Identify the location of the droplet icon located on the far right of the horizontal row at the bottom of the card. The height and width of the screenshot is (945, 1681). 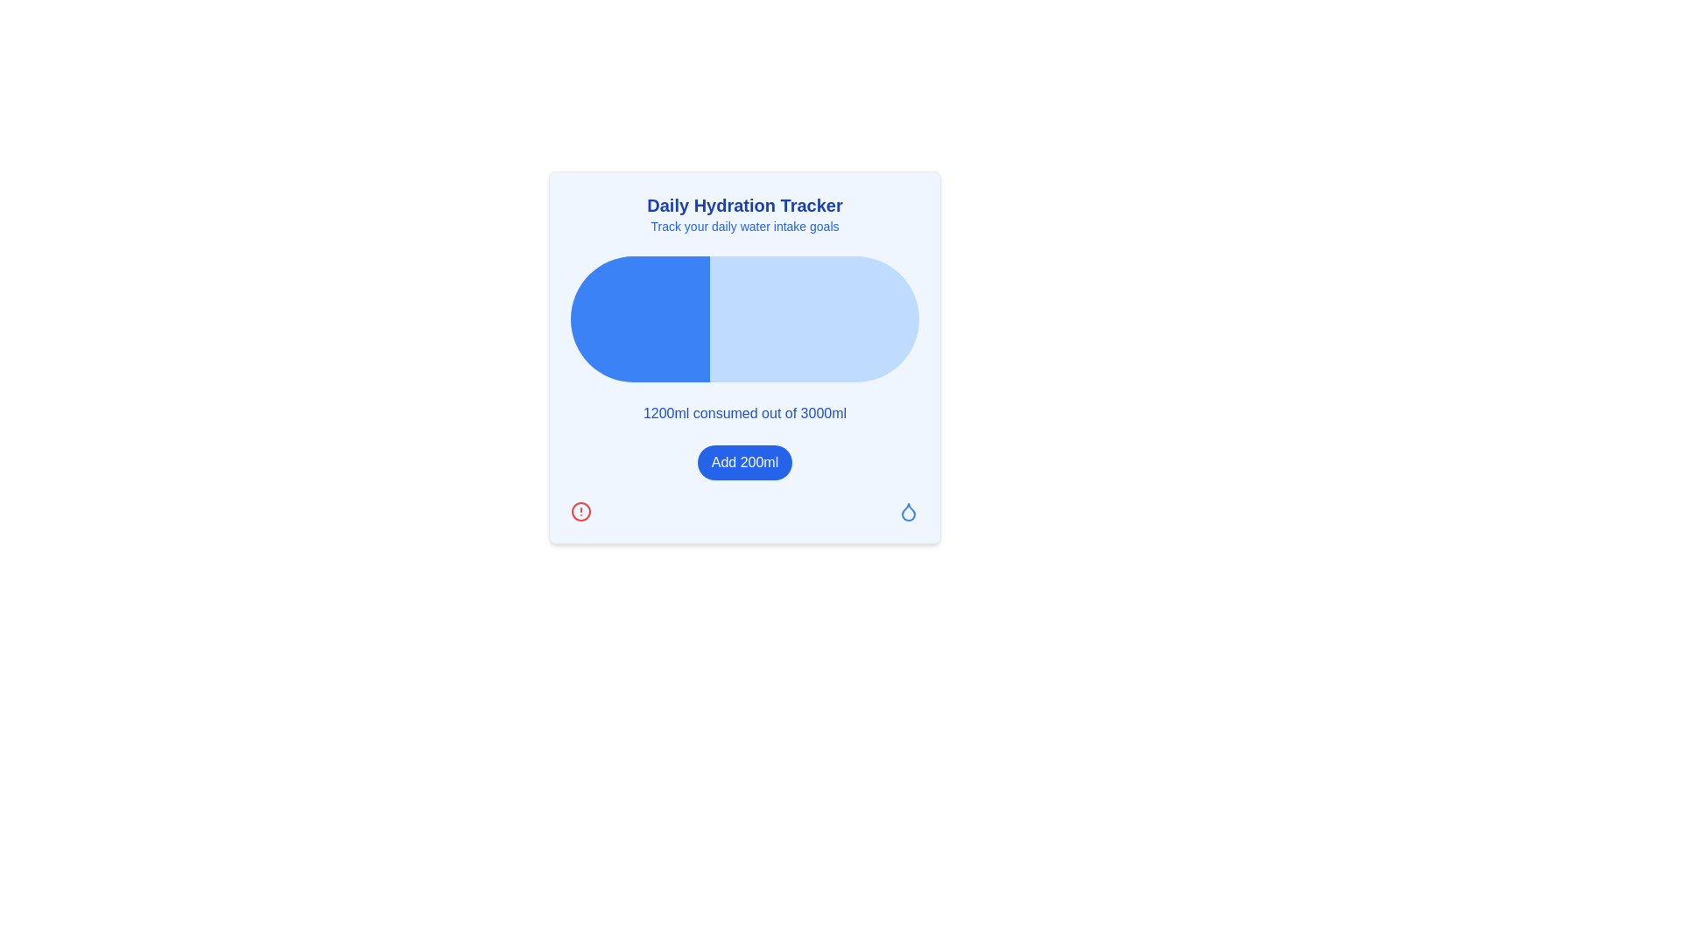
(908, 512).